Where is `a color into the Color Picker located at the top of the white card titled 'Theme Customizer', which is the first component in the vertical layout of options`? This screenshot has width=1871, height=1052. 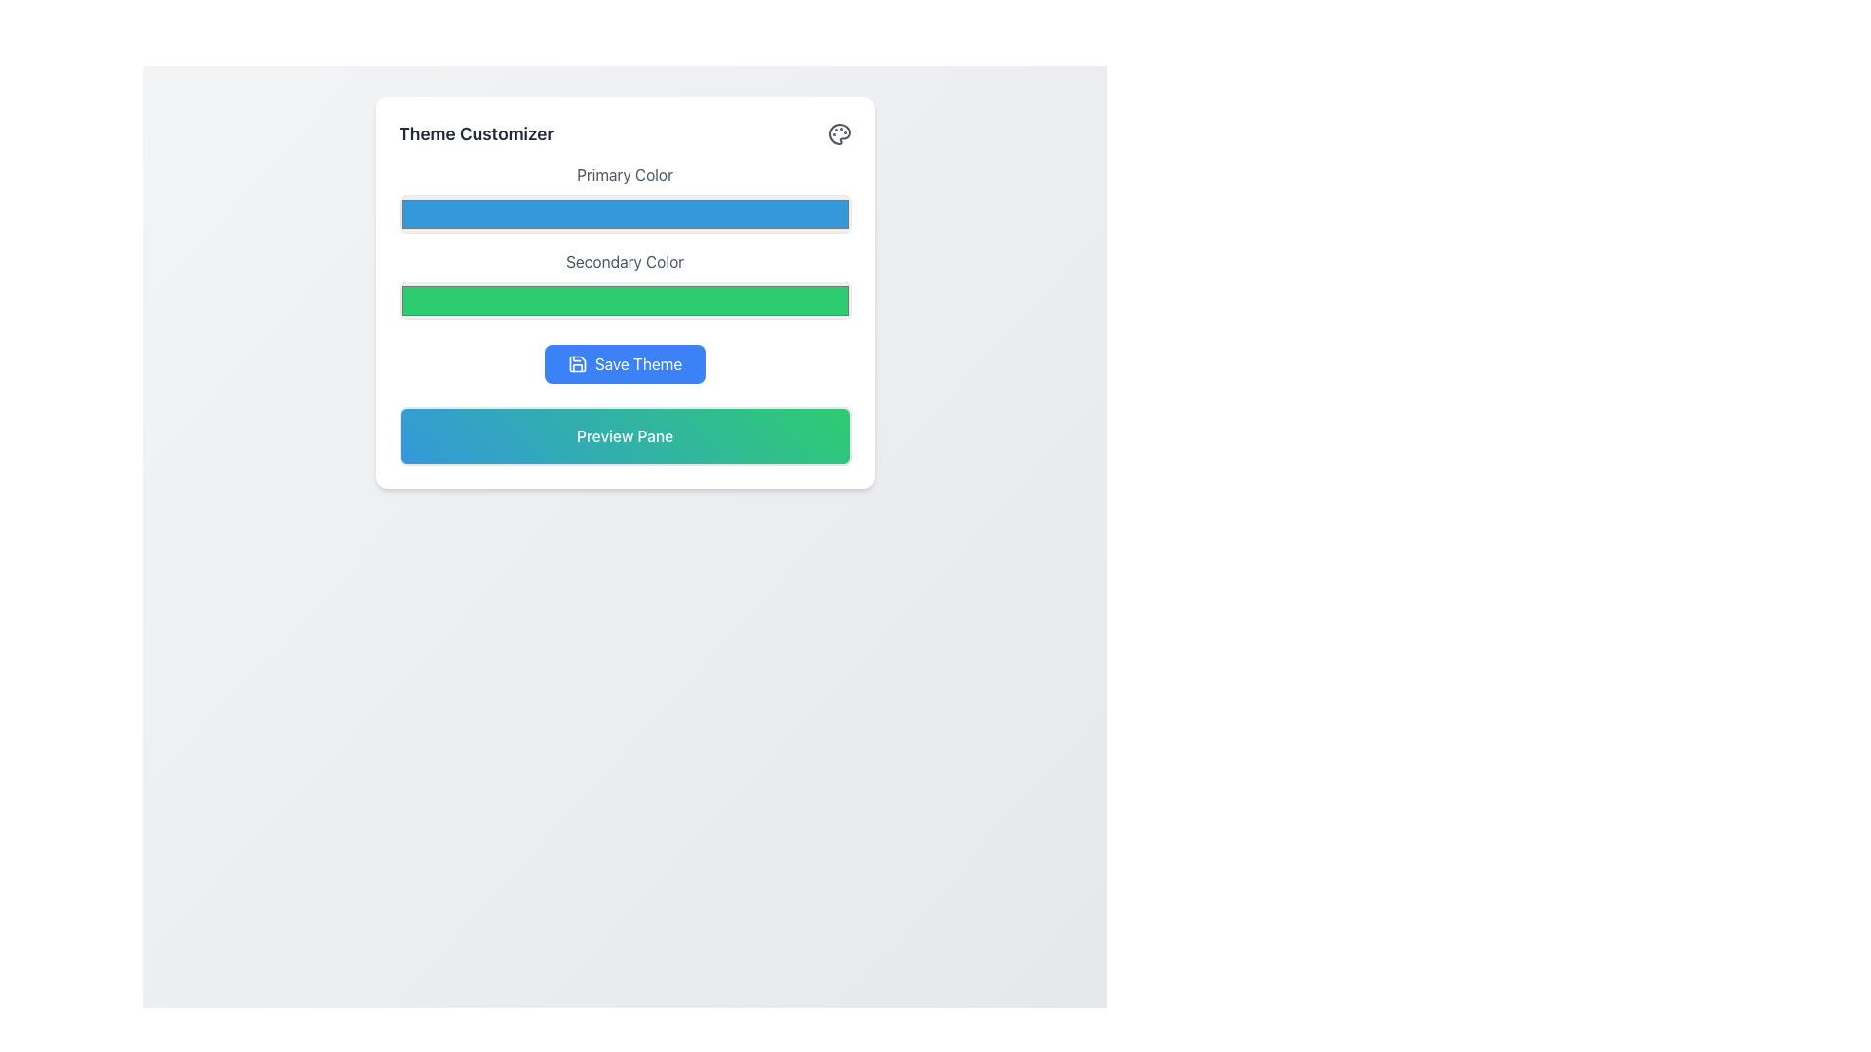 a color into the Color Picker located at the top of the white card titled 'Theme Customizer', which is the first component in the vertical layout of options is located at coordinates (625, 199).